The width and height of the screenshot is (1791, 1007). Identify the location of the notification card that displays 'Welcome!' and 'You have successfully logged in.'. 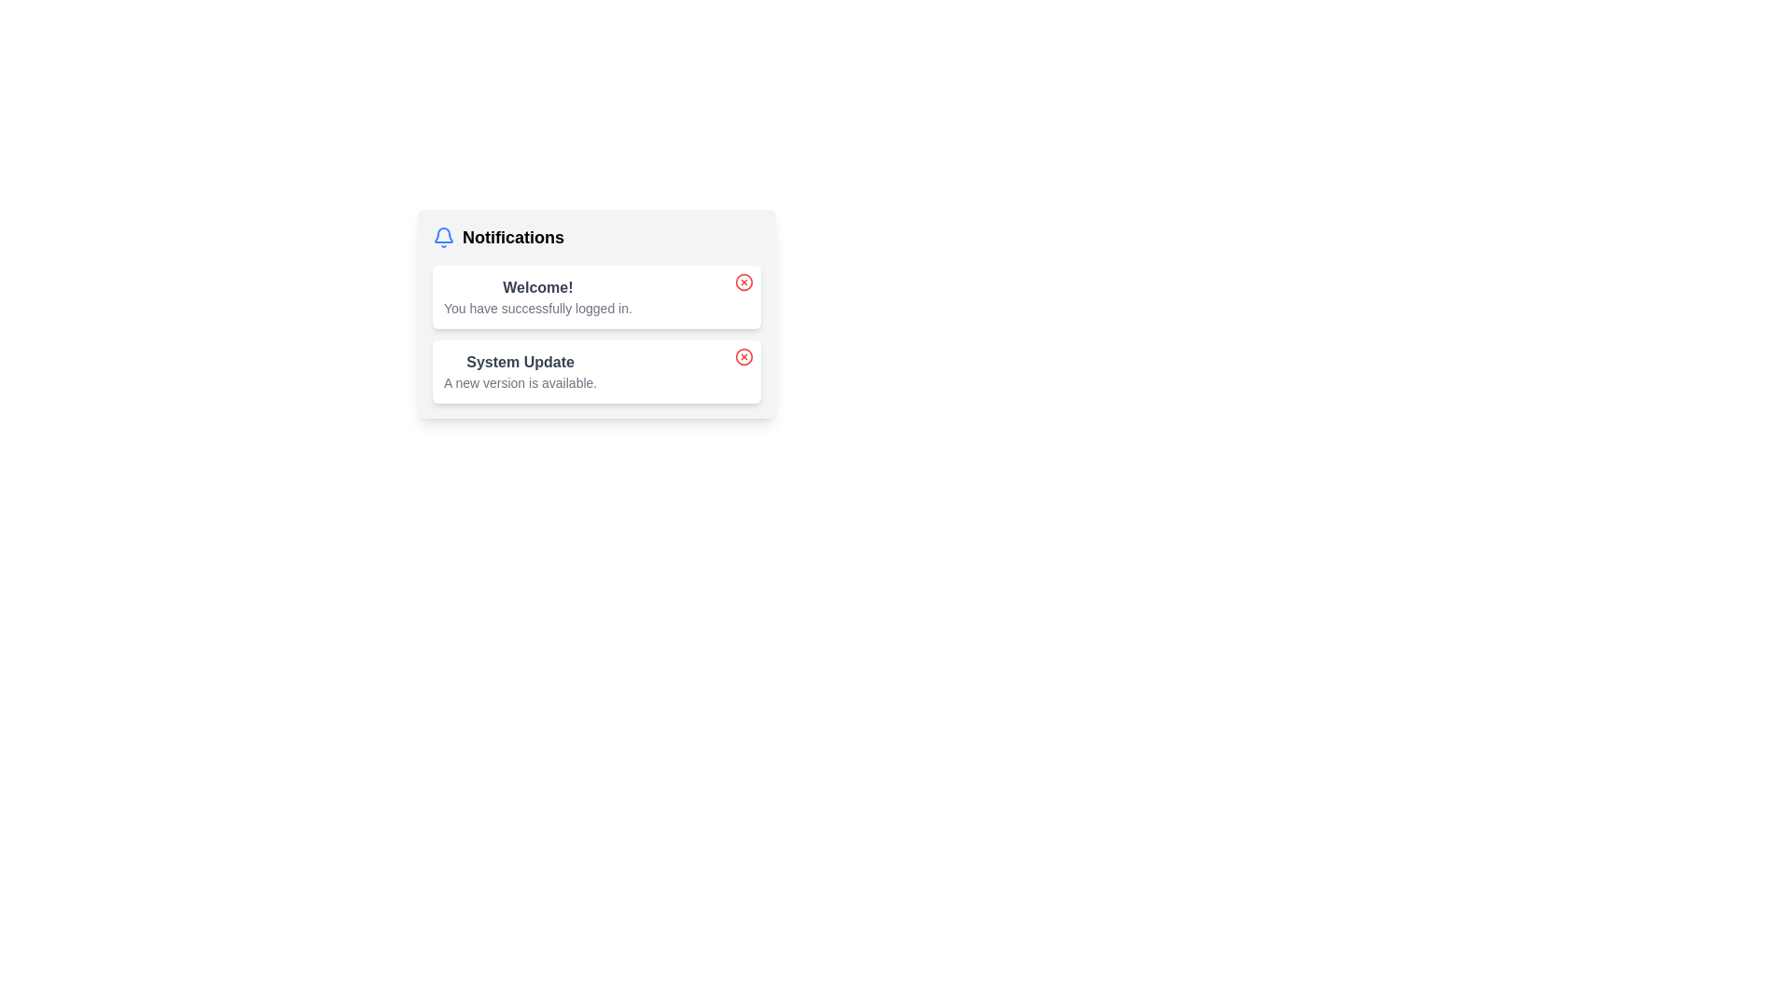
(595, 297).